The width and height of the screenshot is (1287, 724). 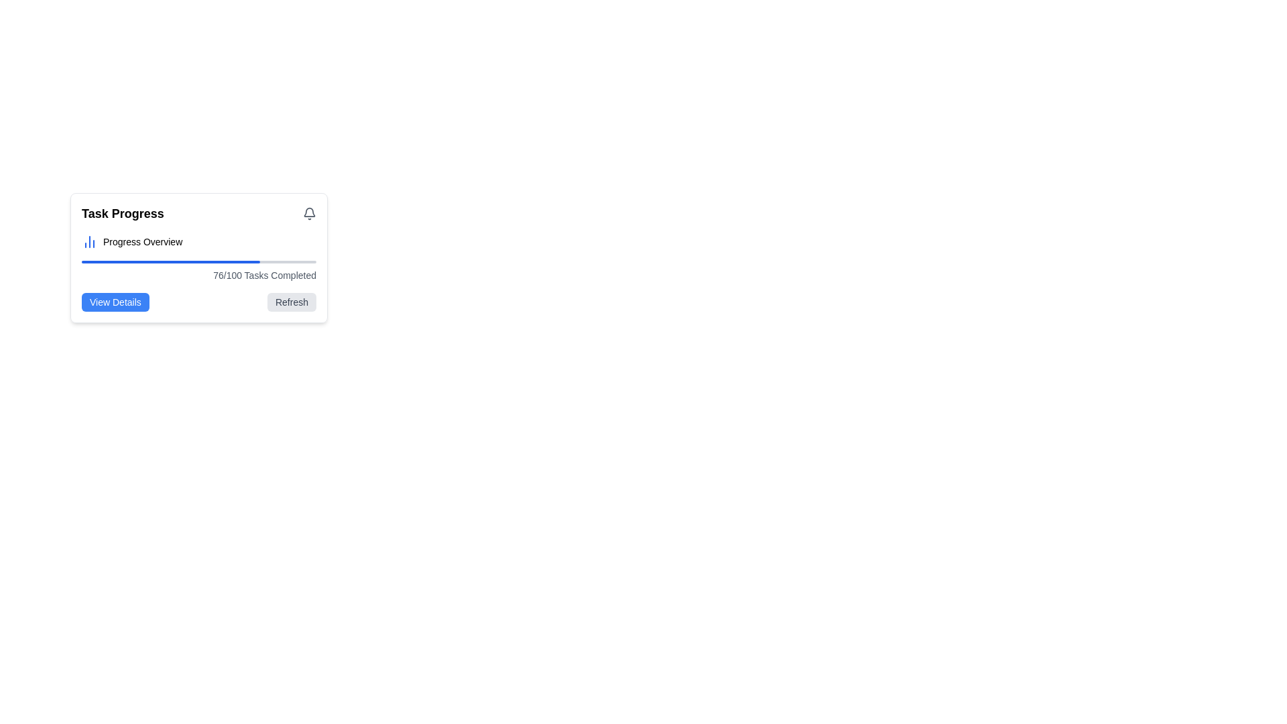 I want to click on the text label that serves as a descriptive title for the progress indicator, located to the right of the graph icon, so click(x=143, y=242).